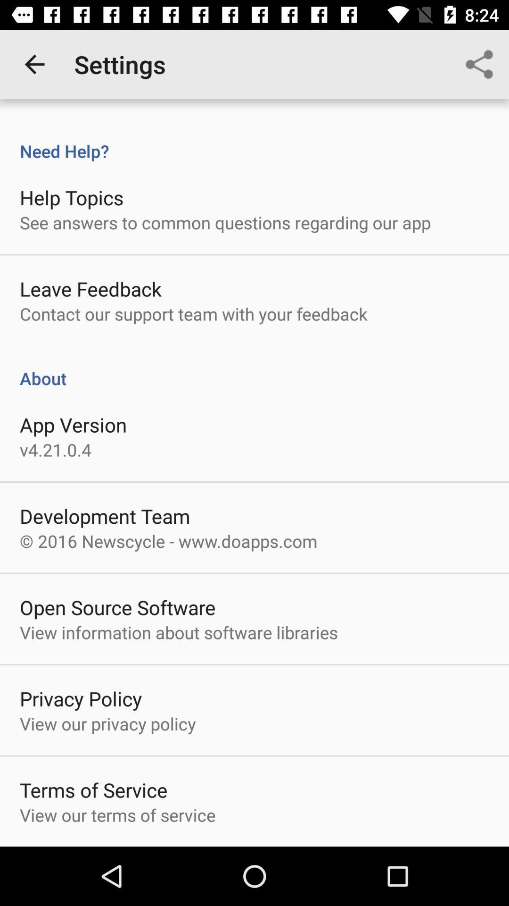 The width and height of the screenshot is (509, 906). What do you see at coordinates (34, 64) in the screenshot?
I see `icon above need help? icon` at bounding box center [34, 64].